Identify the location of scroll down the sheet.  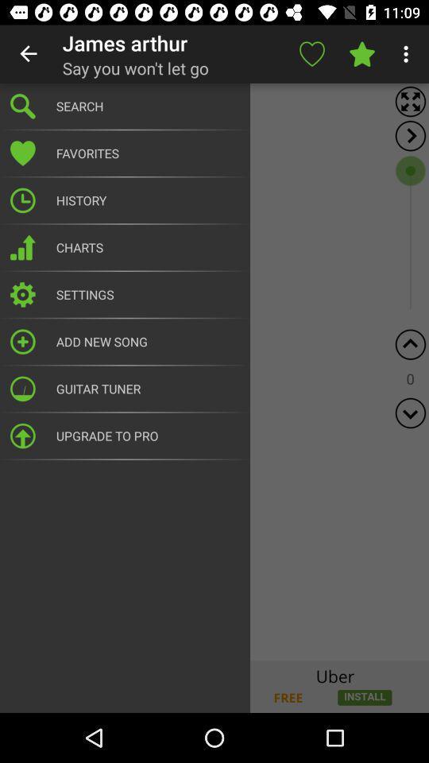
(410, 412).